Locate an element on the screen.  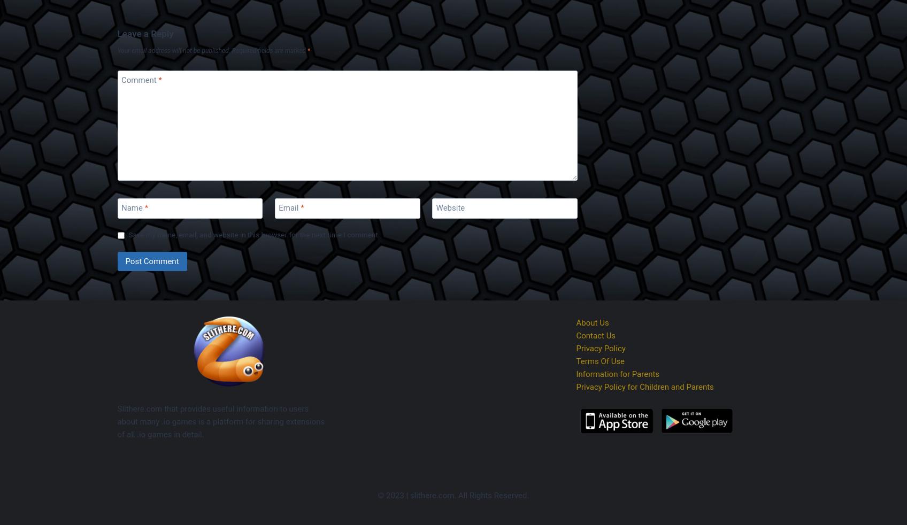
'Website' is located at coordinates (450, 207).